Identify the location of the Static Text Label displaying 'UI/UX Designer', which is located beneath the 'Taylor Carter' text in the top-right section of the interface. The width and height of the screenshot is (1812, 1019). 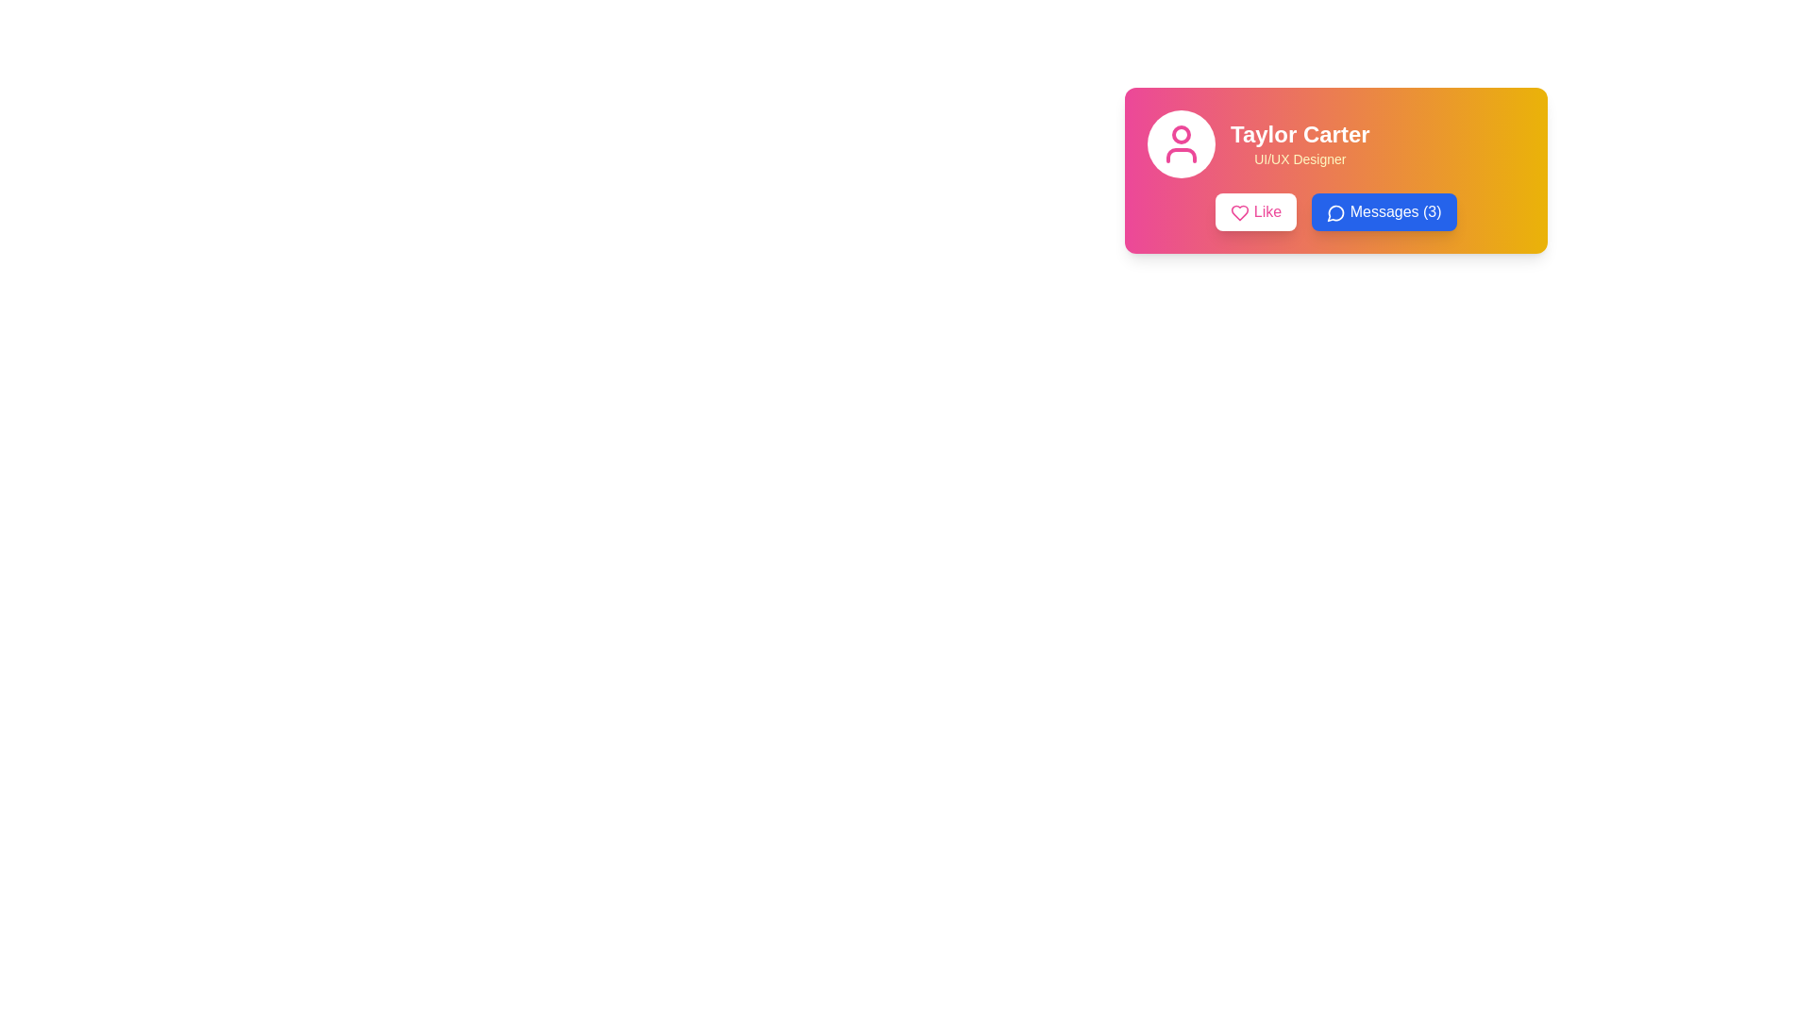
(1299, 159).